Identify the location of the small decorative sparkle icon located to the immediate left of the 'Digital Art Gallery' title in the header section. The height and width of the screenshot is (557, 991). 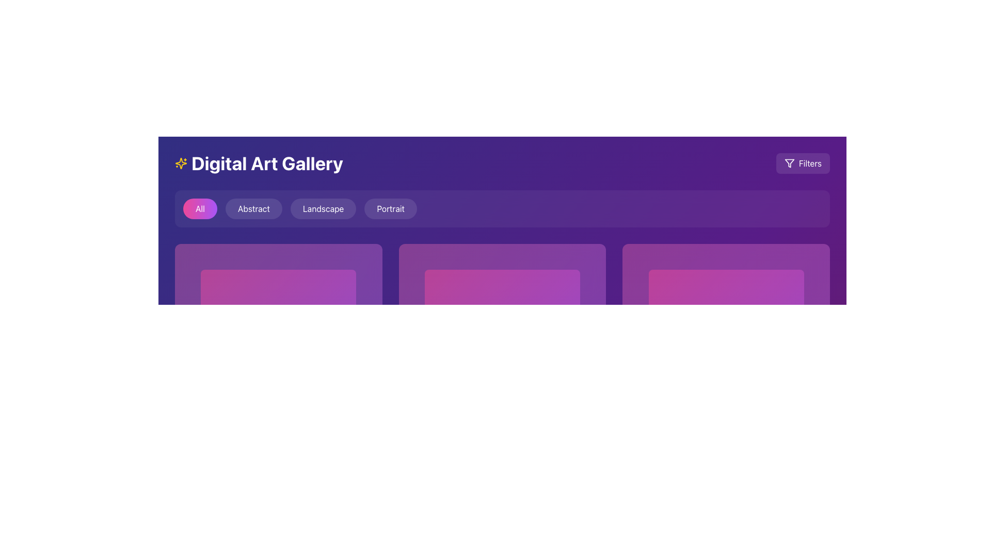
(181, 162).